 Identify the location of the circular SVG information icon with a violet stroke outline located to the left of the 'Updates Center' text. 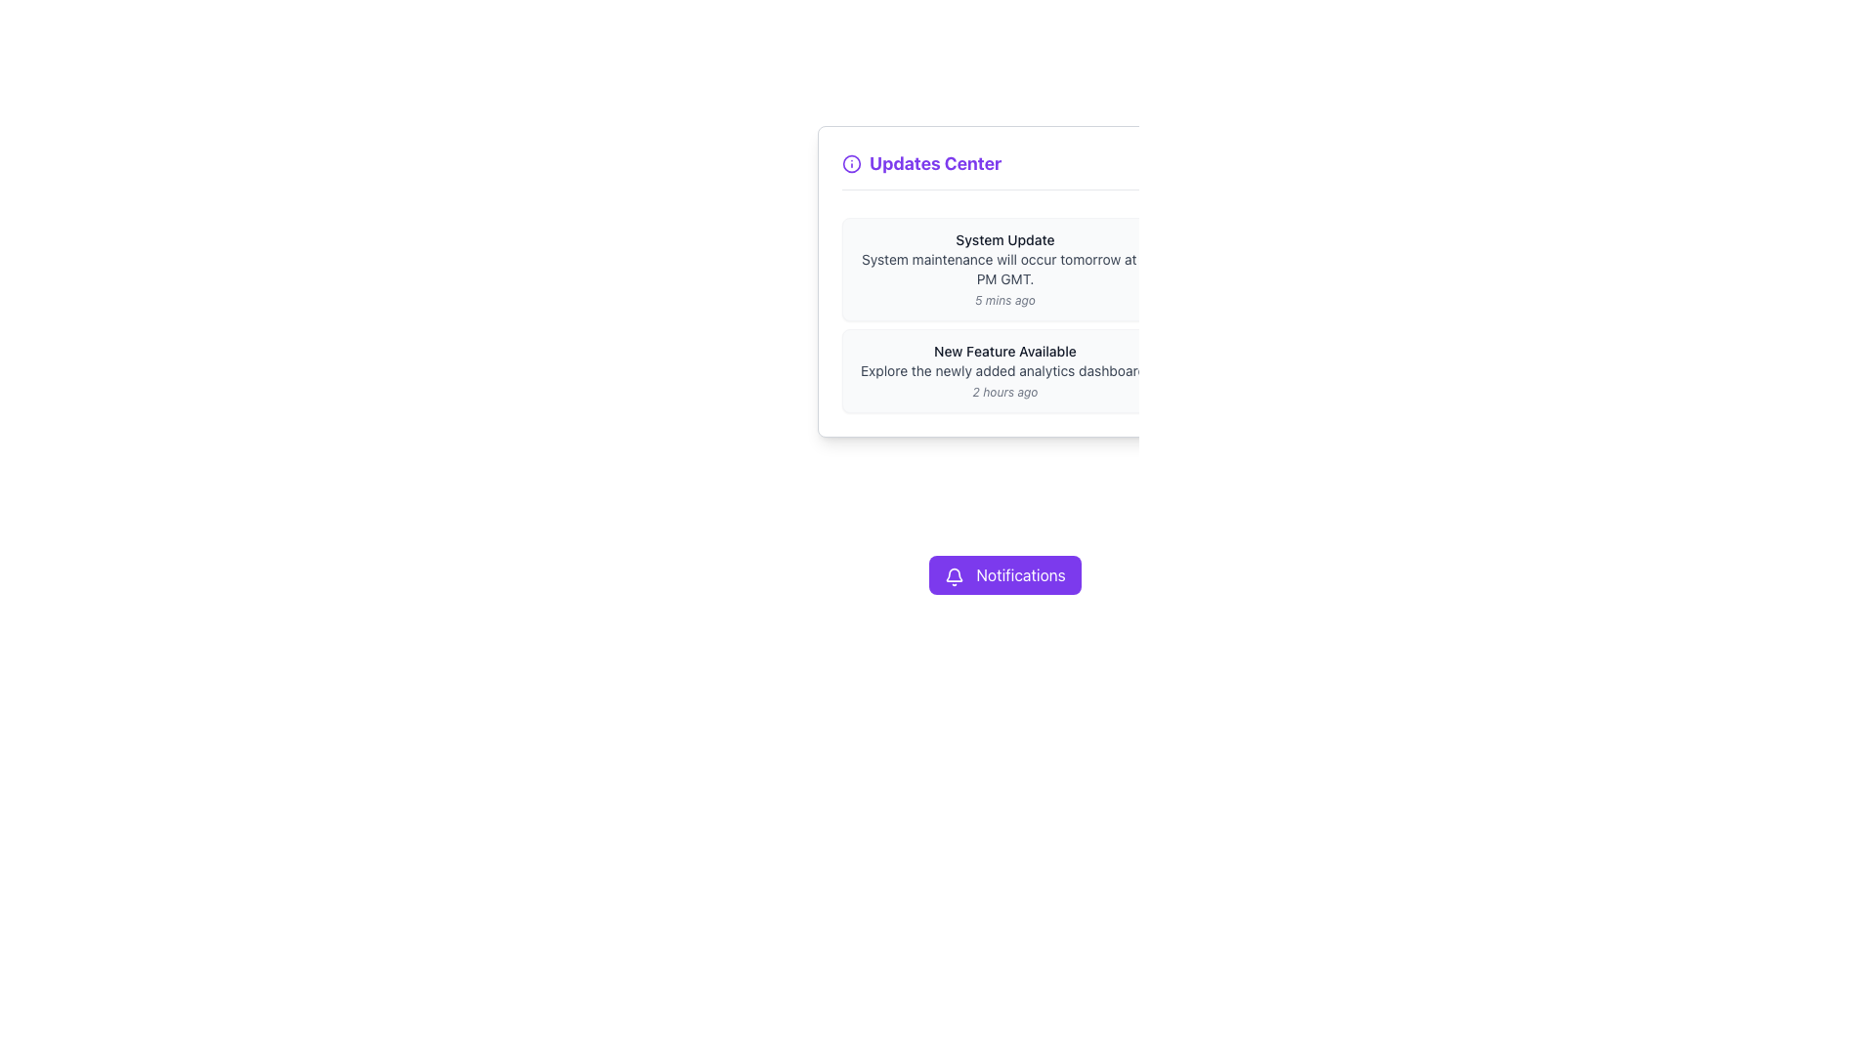
(852, 163).